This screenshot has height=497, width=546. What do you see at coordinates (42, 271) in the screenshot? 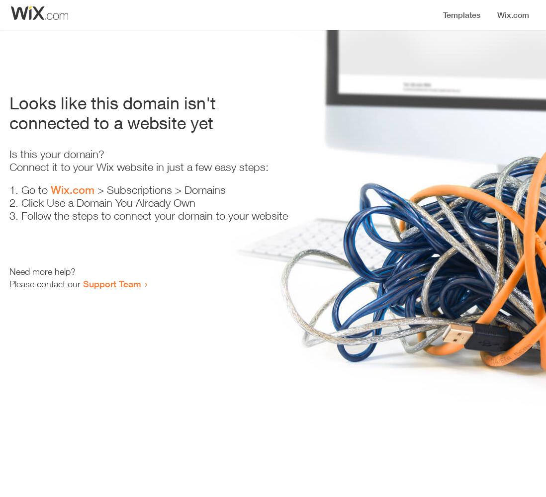
I see `'Need more help?'` at bounding box center [42, 271].